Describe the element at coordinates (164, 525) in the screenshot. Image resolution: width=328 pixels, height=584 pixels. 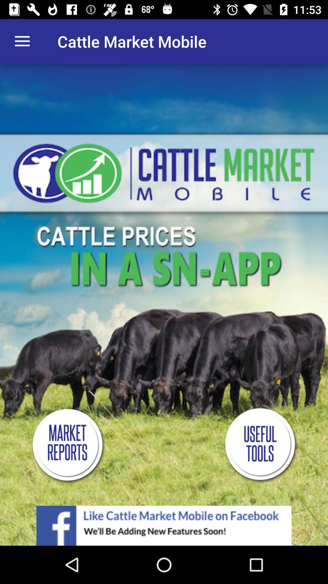
I see `give a like on facebook` at that location.